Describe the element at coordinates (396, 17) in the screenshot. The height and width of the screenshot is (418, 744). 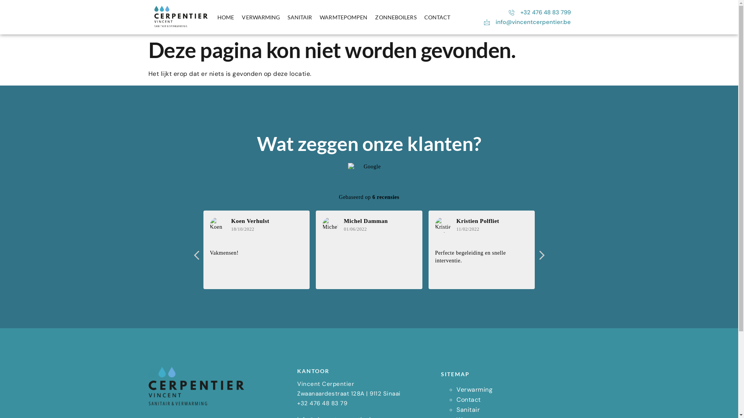
I see `'ZONNEBOILERS'` at that location.